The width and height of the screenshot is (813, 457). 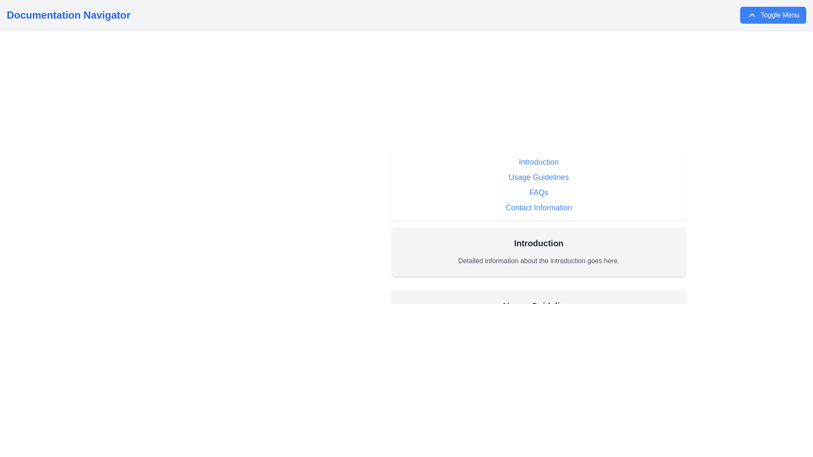 What do you see at coordinates (538, 193) in the screenshot?
I see `the 'FAQs' hyperlink, which is the third link in a vertical list styled with a blue font that changes color and underlines on hover` at bounding box center [538, 193].